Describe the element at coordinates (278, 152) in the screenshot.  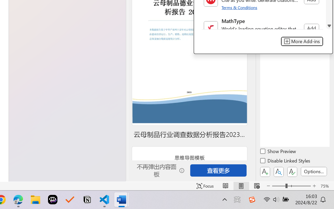
I see `'Show Preview'` at that location.